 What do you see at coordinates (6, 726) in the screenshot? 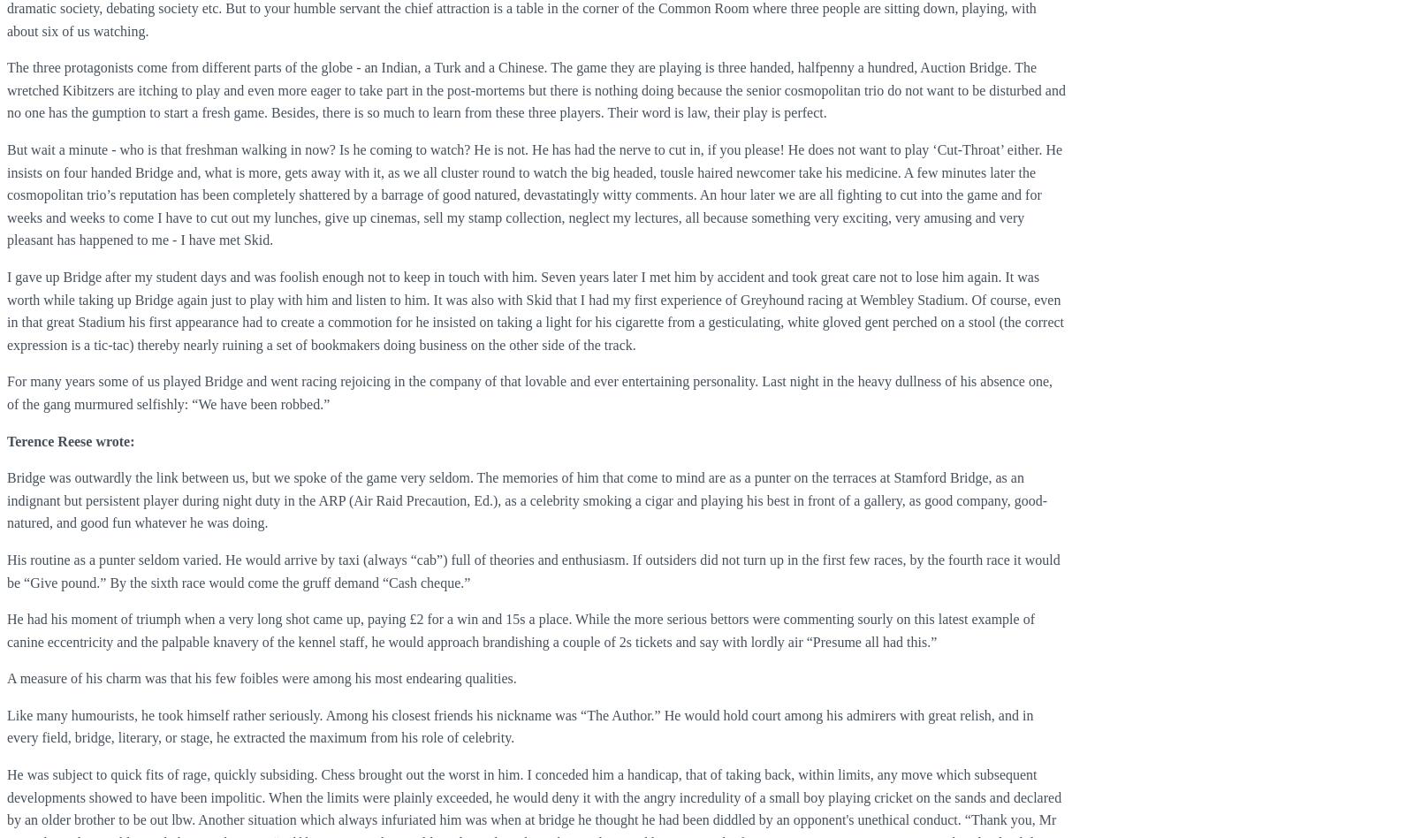
I see `'Like many humourists, he took himself rather seriously.  Among his closest friends his nickname was “The Author.”  He would hold court among his admirers with great relish, and in every field, bridge, literary, or stage, he extracted the maximum from his role of celebrity.'` at bounding box center [6, 726].